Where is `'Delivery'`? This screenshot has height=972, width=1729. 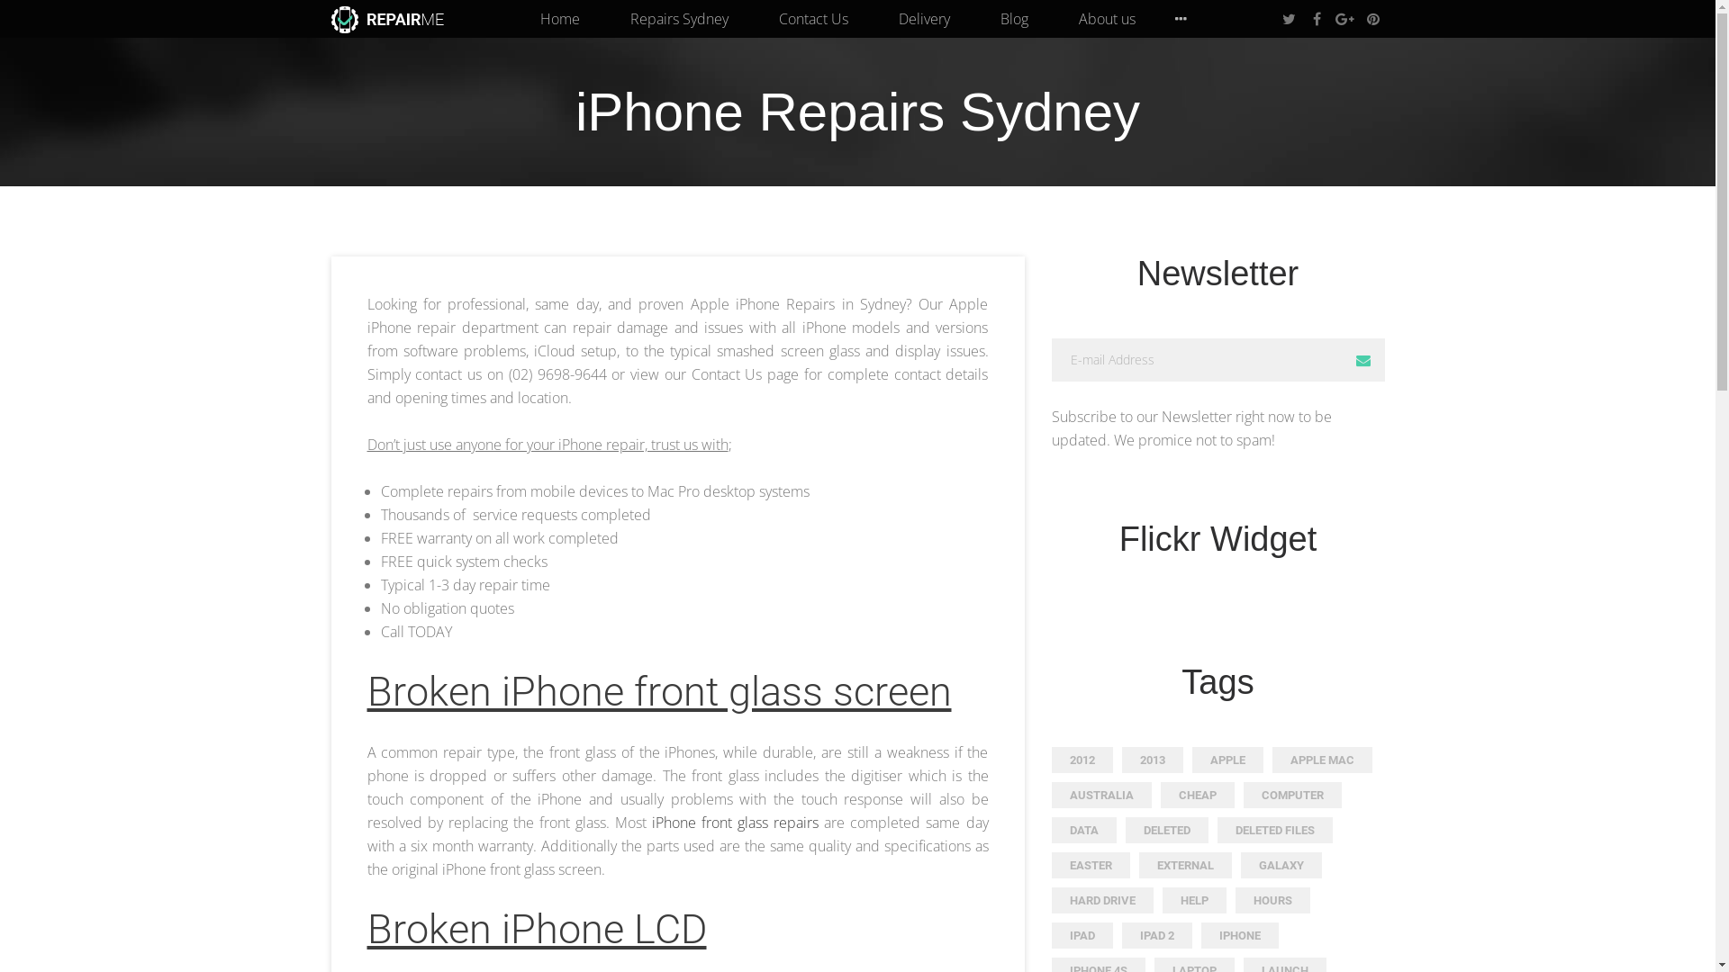 'Delivery' is located at coordinates (873, 18).